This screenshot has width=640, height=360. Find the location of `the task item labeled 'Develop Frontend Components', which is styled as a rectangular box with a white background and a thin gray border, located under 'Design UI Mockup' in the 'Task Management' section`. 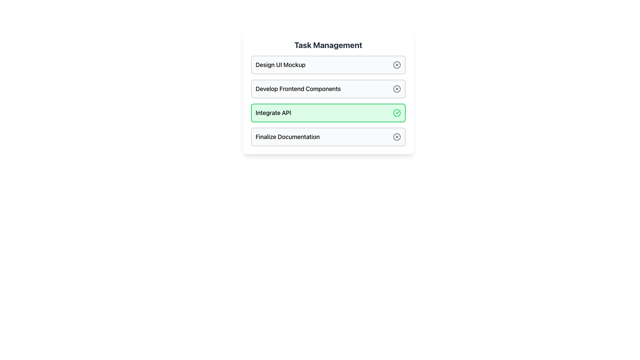

the task item labeled 'Develop Frontend Components', which is styled as a rectangular box with a white background and a thin gray border, located under 'Design UI Mockup' in the 'Task Management' section is located at coordinates (328, 93).